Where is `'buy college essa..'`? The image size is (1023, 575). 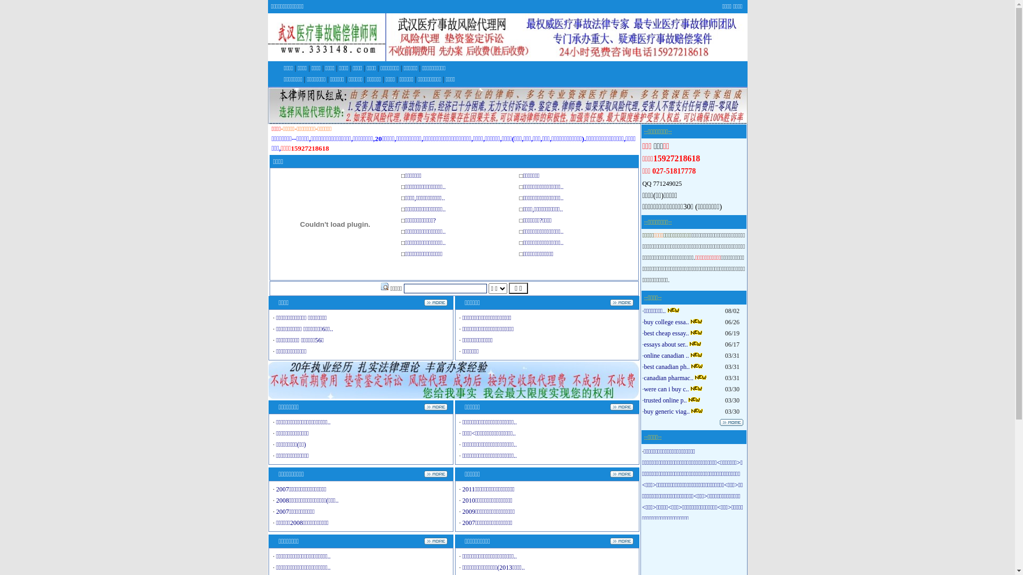
'buy college essa..' is located at coordinates (665, 322).